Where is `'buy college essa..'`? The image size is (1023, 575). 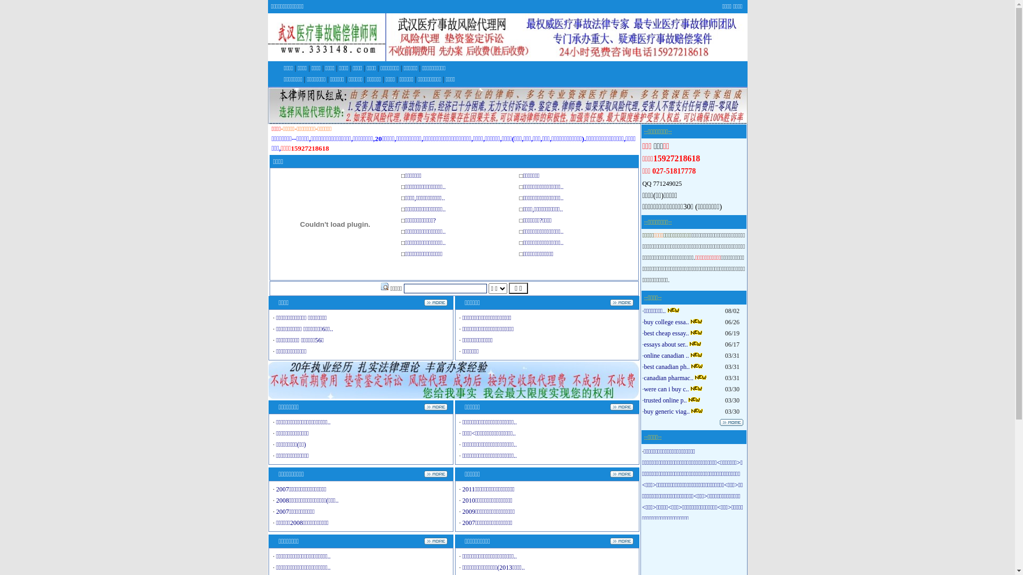
'buy college essa..' is located at coordinates (665, 322).